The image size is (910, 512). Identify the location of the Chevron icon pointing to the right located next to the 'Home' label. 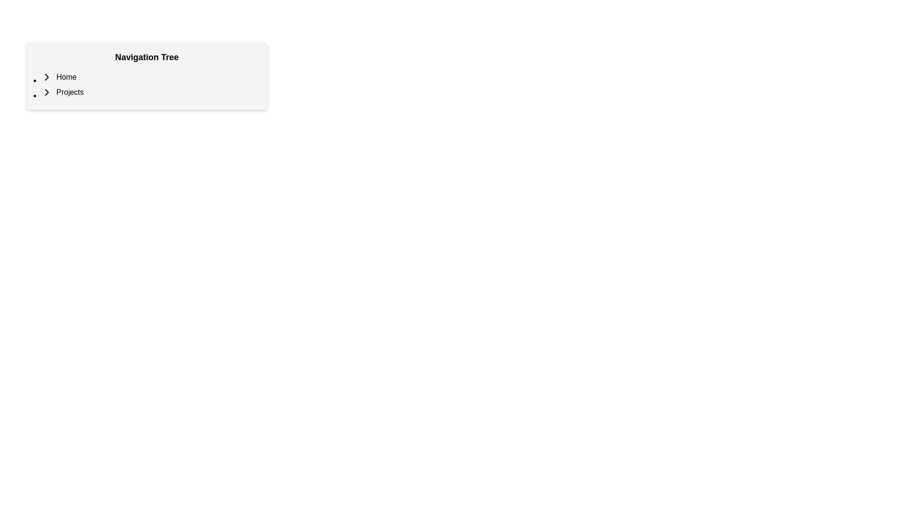
(46, 76).